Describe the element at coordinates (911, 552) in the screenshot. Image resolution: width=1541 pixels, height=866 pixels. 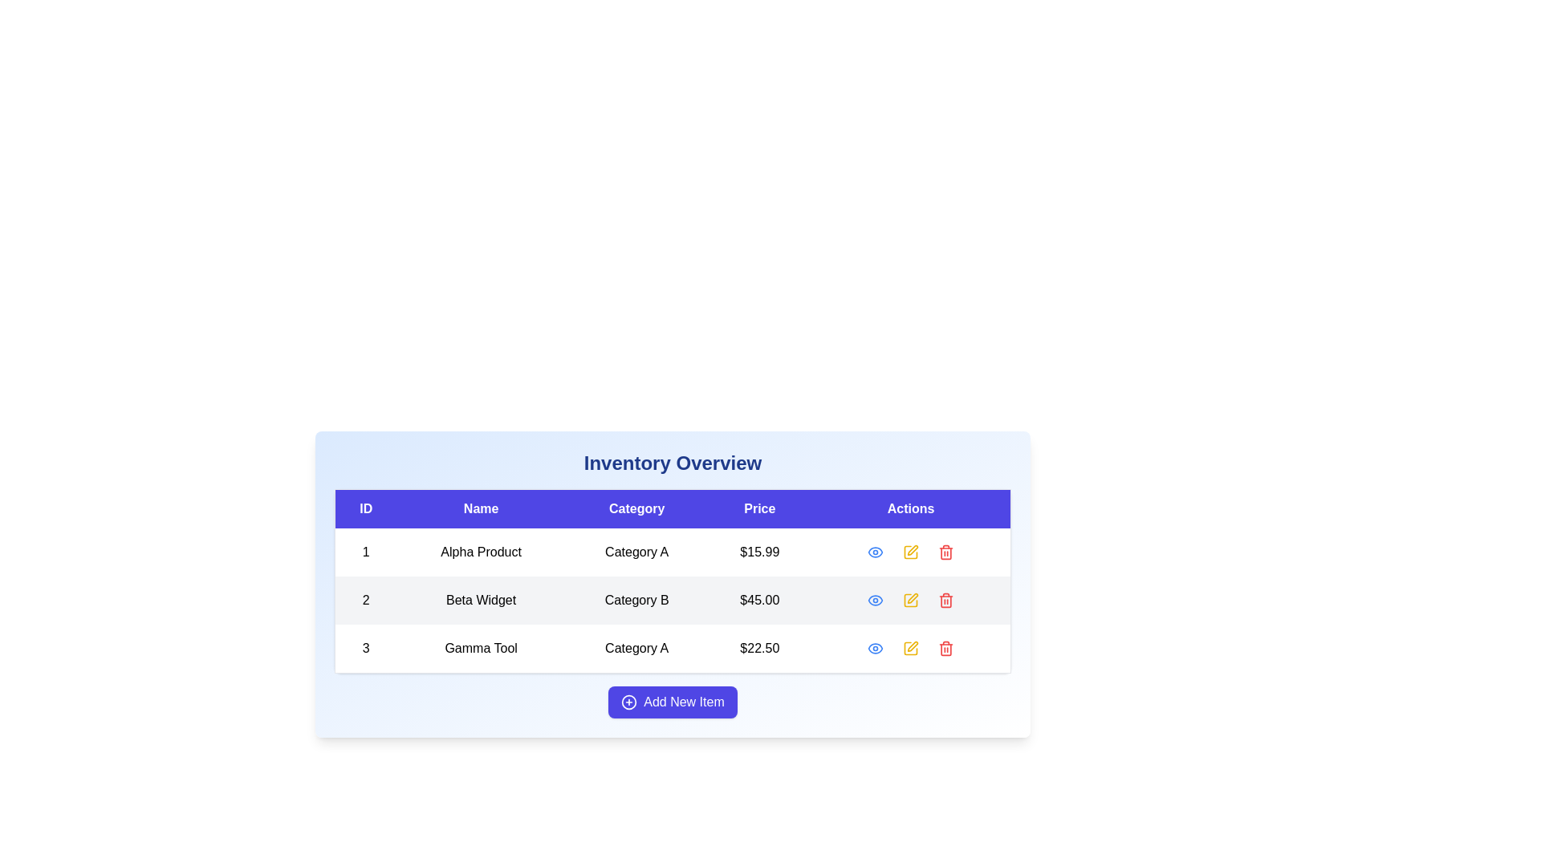
I see `the edit button, which is represented by a pencil icon, located in the 'Actions' column of the first row in the inventory table` at that location.